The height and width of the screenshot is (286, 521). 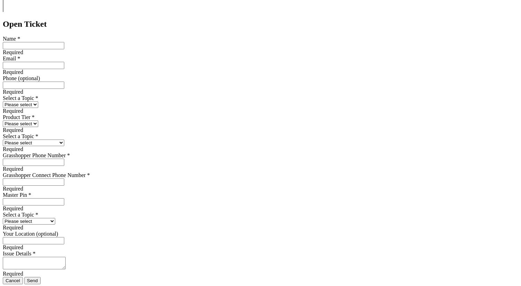 What do you see at coordinates (18, 234) in the screenshot?
I see `'Your Location'` at bounding box center [18, 234].